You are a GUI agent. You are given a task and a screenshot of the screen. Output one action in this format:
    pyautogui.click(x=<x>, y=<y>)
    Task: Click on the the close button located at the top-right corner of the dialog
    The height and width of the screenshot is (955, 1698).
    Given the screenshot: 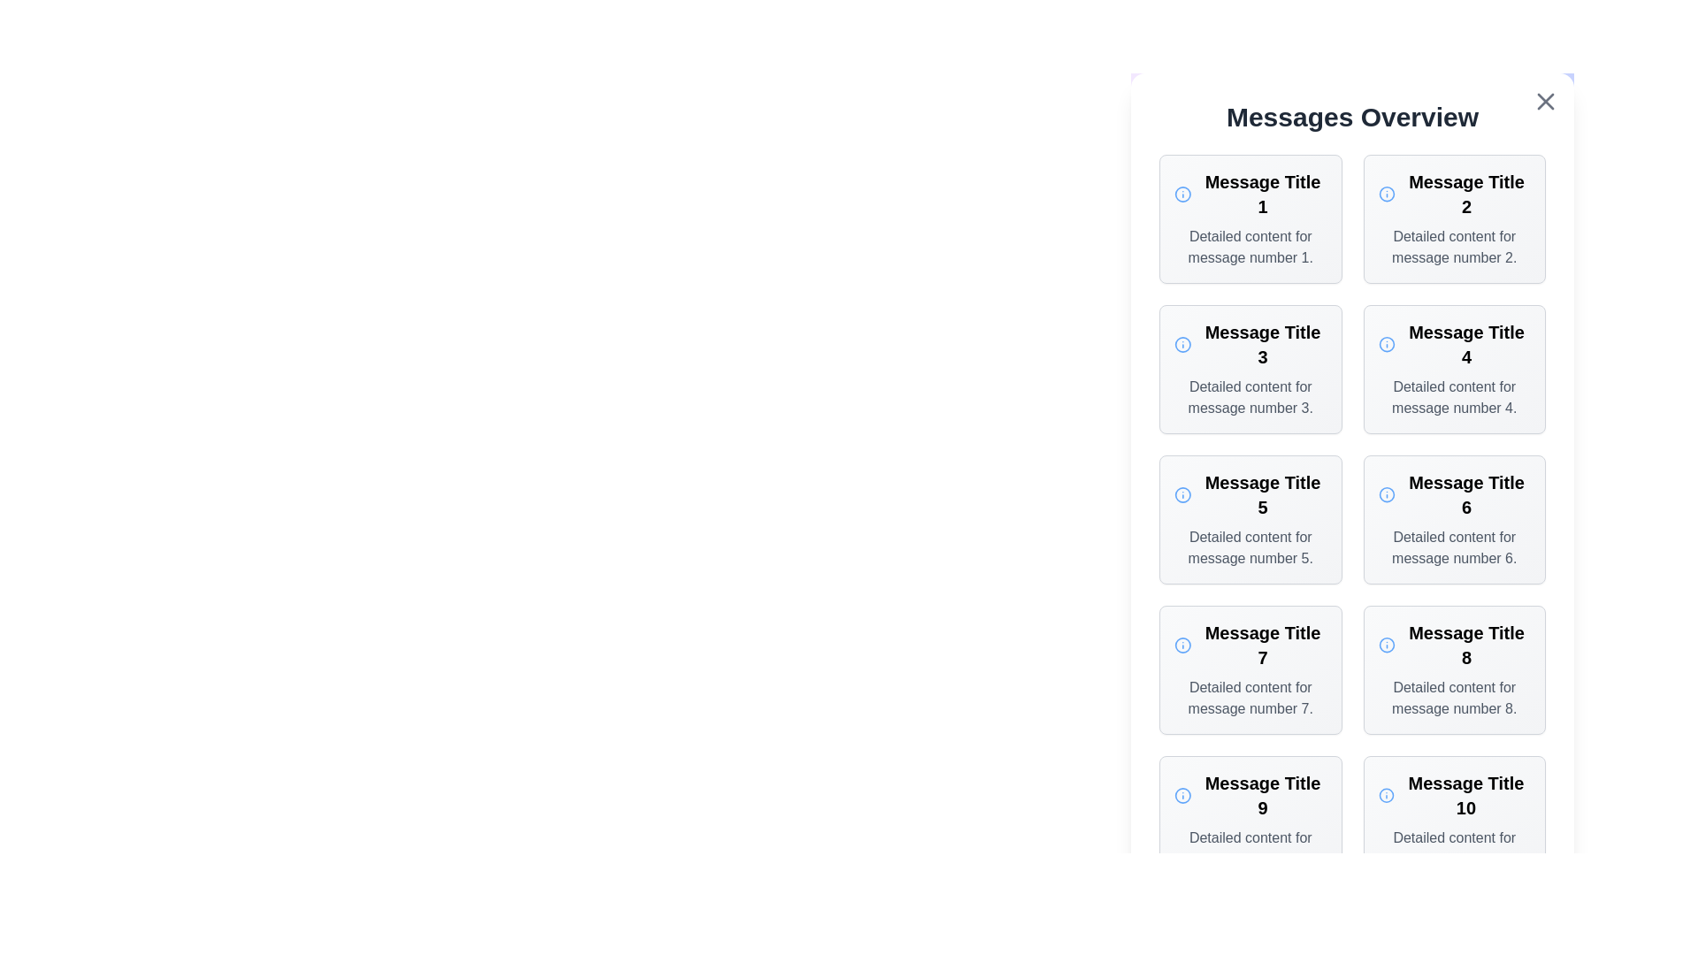 What is the action you would take?
    pyautogui.click(x=1544, y=102)
    